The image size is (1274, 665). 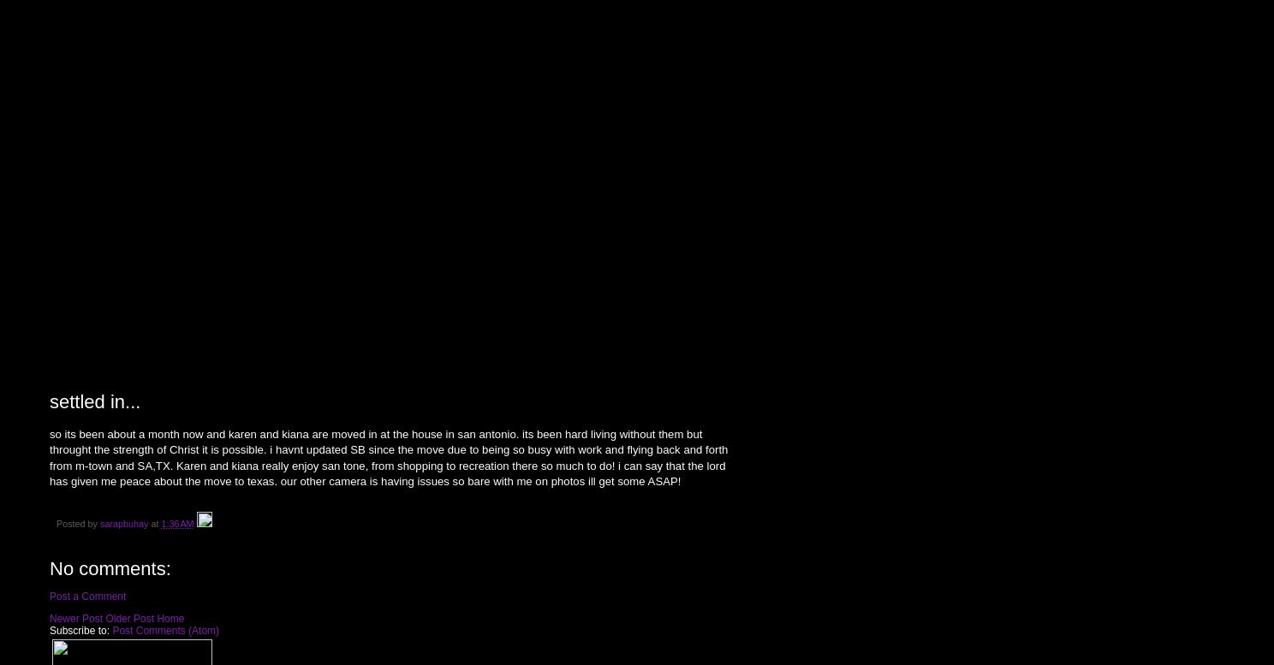 I want to click on 'Newer Post', so click(x=74, y=617).